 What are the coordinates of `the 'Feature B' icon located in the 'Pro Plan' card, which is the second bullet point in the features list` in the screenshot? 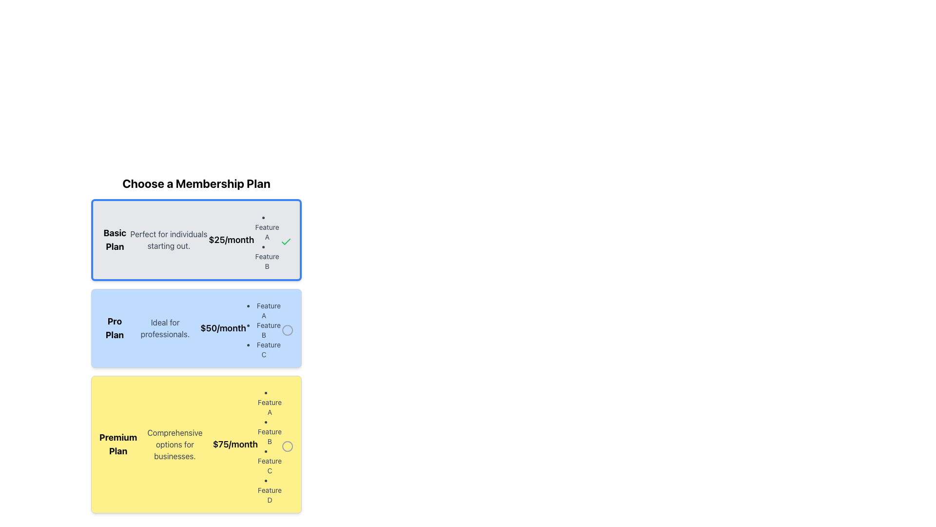 It's located at (287, 330).